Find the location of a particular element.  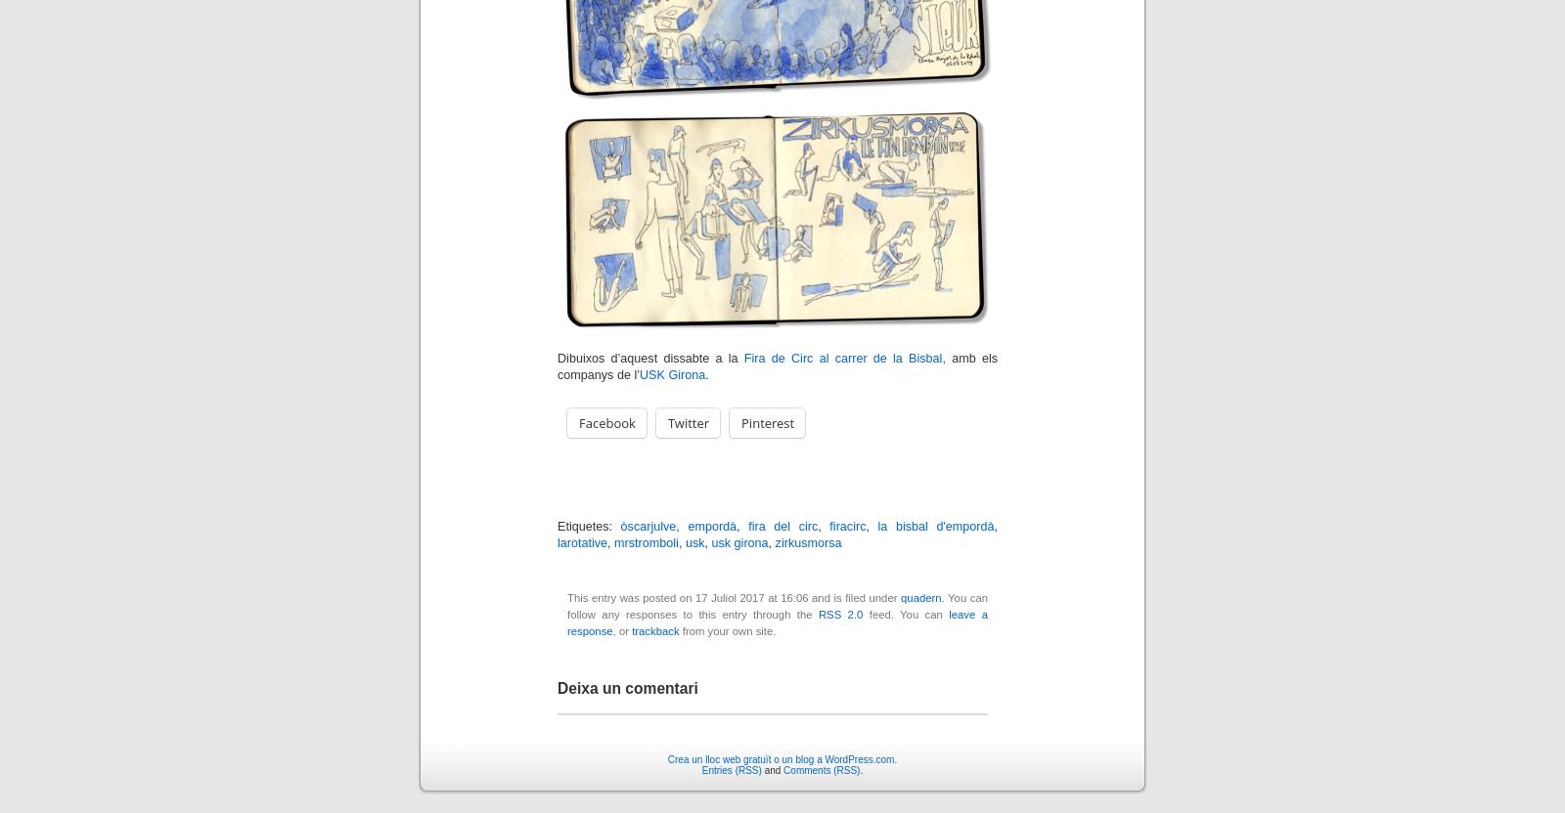

'feed.
													You can' is located at coordinates (904, 614).